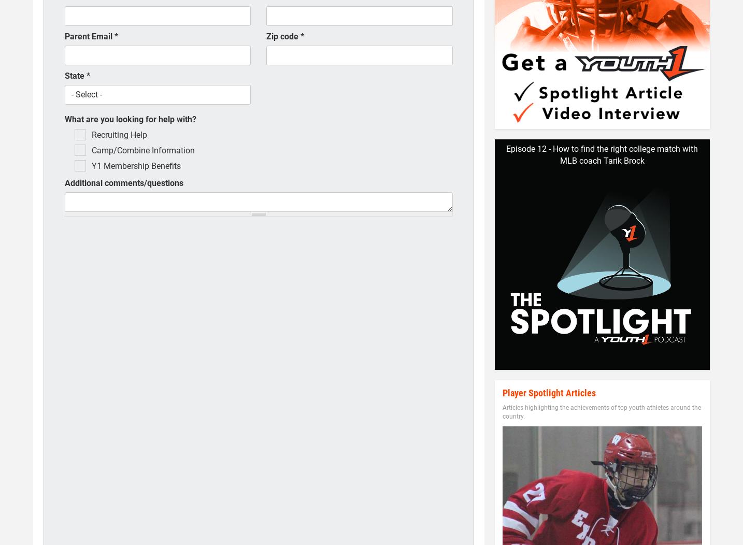 This screenshot has height=545, width=743. Describe the element at coordinates (602, 154) in the screenshot. I see `'Episode 12 - How to find the right college match with MLB coach Tarik Brock'` at that location.